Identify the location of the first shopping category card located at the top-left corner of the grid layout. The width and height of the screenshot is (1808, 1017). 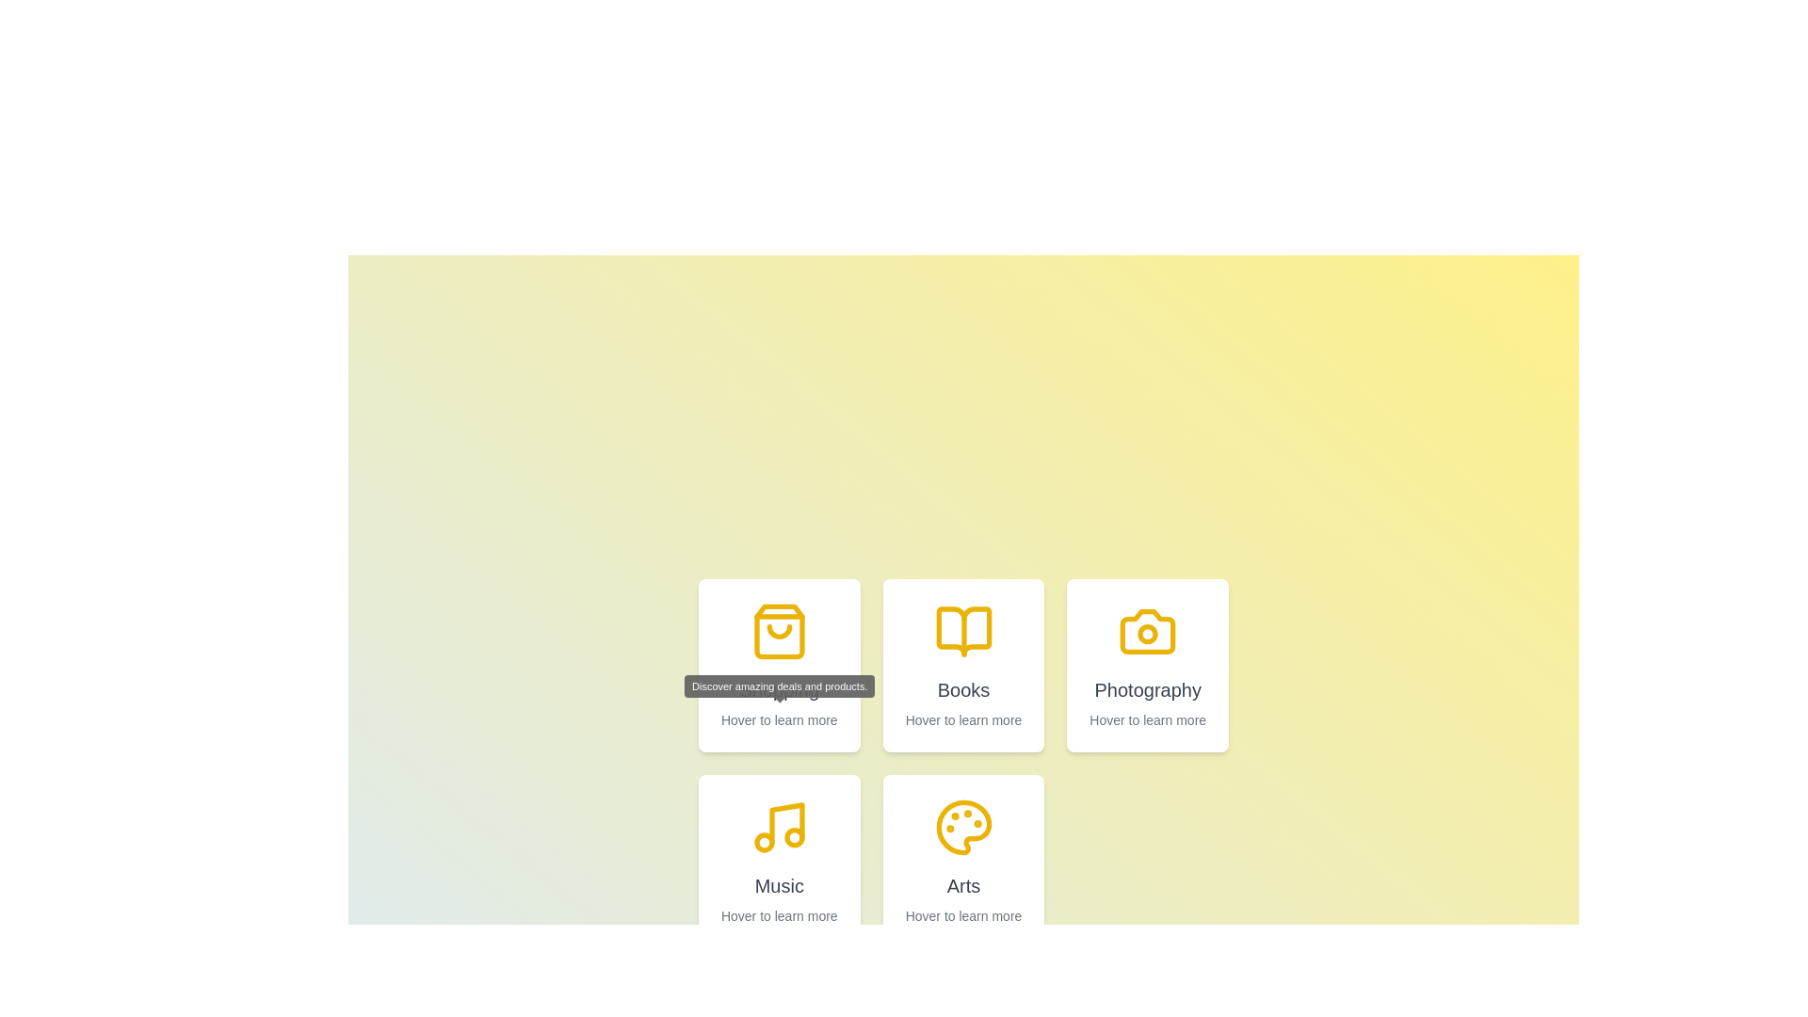
(779, 664).